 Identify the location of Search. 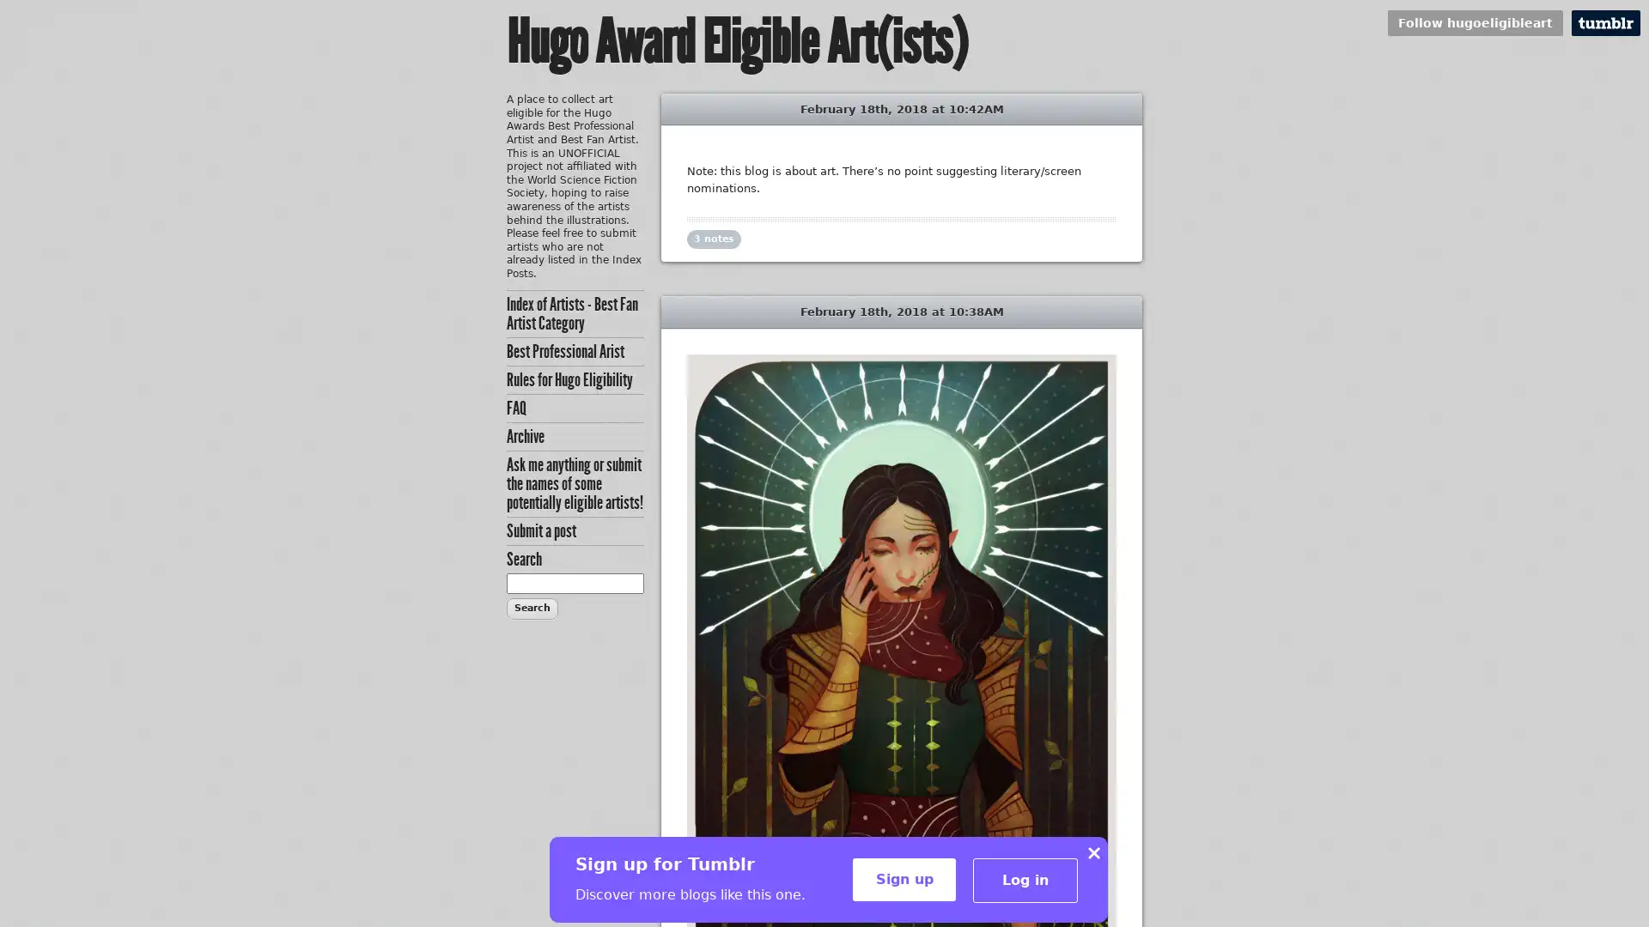
(531, 607).